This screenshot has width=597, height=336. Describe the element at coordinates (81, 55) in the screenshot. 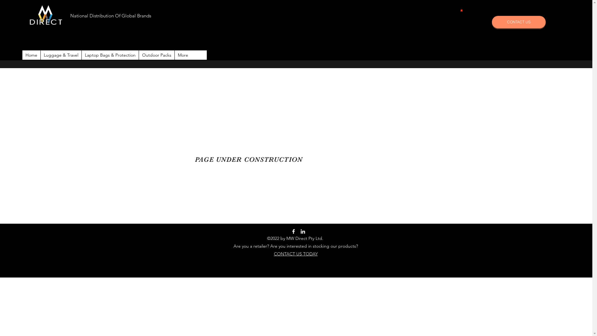

I see `'Laptop Bags & Protection'` at that location.